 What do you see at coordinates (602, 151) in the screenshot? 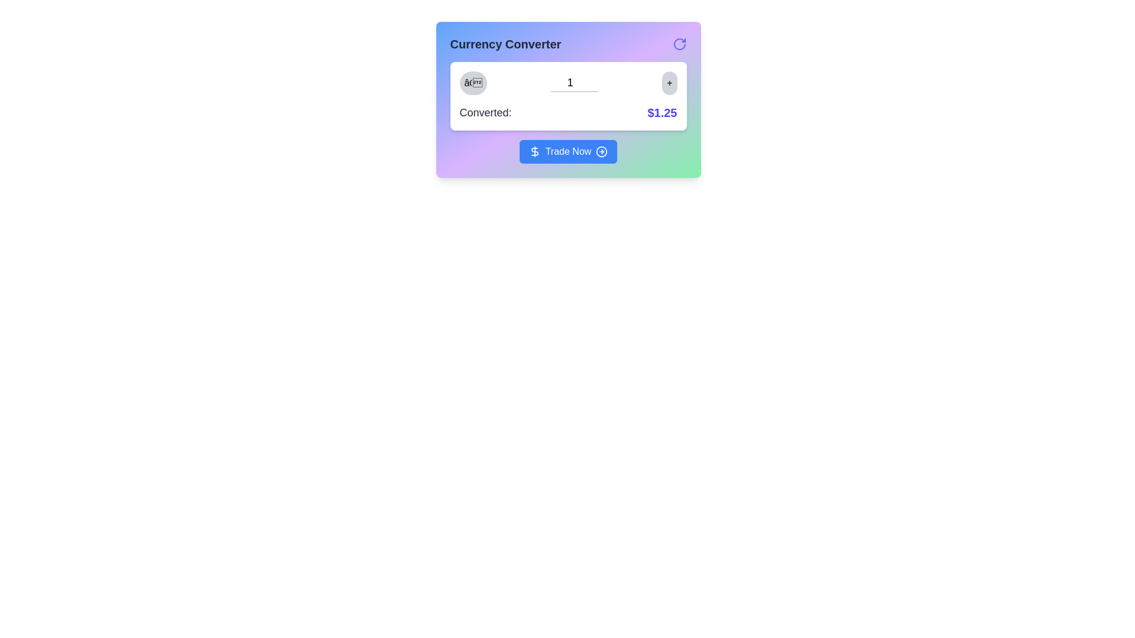
I see `the icon located on the far-right side of the 'Trade Now' button at the bottom-center of the card interface` at bounding box center [602, 151].